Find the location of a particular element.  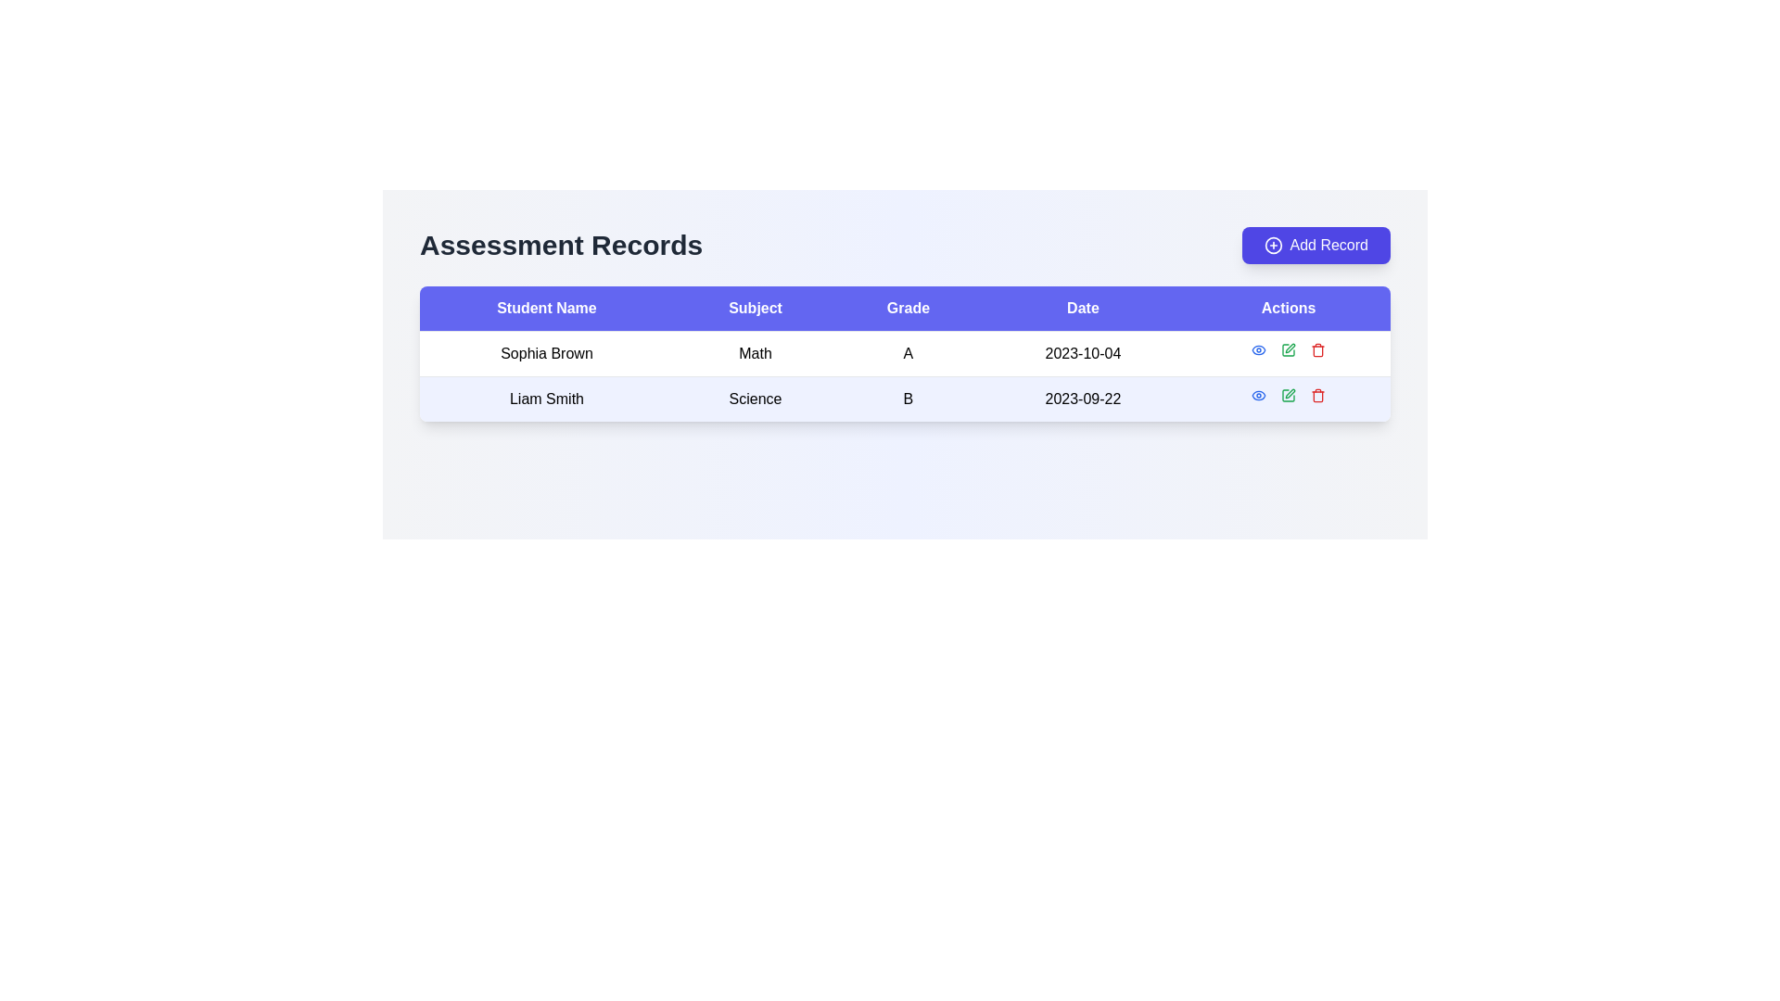

the red trash can icon in the 'Actions' column of the data table is located at coordinates (1317, 350).